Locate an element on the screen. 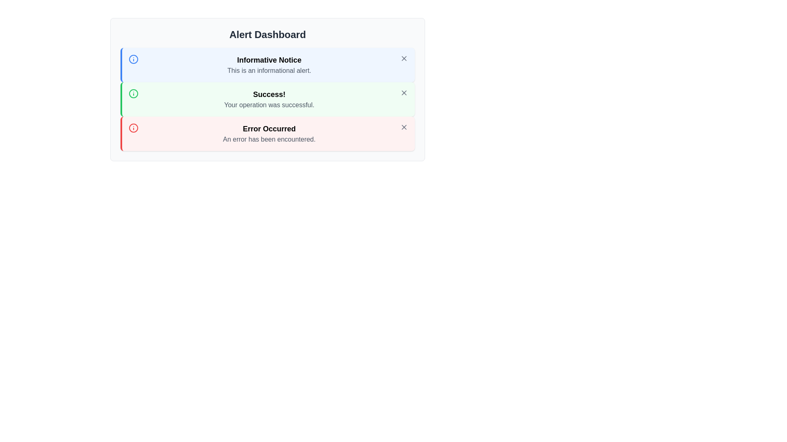  the close button located in the top-right corner of the success alert box to observe the color transition effect is located at coordinates (404, 92).